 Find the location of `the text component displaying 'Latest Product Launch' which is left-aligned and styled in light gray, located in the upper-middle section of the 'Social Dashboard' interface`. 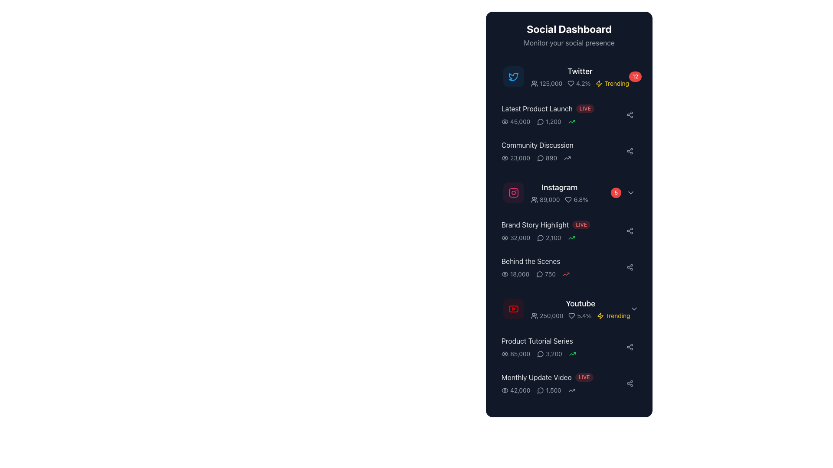

the text component displaying 'Latest Product Launch' which is left-aligned and styled in light gray, located in the upper-middle section of the 'Social Dashboard' interface is located at coordinates (536, 108).